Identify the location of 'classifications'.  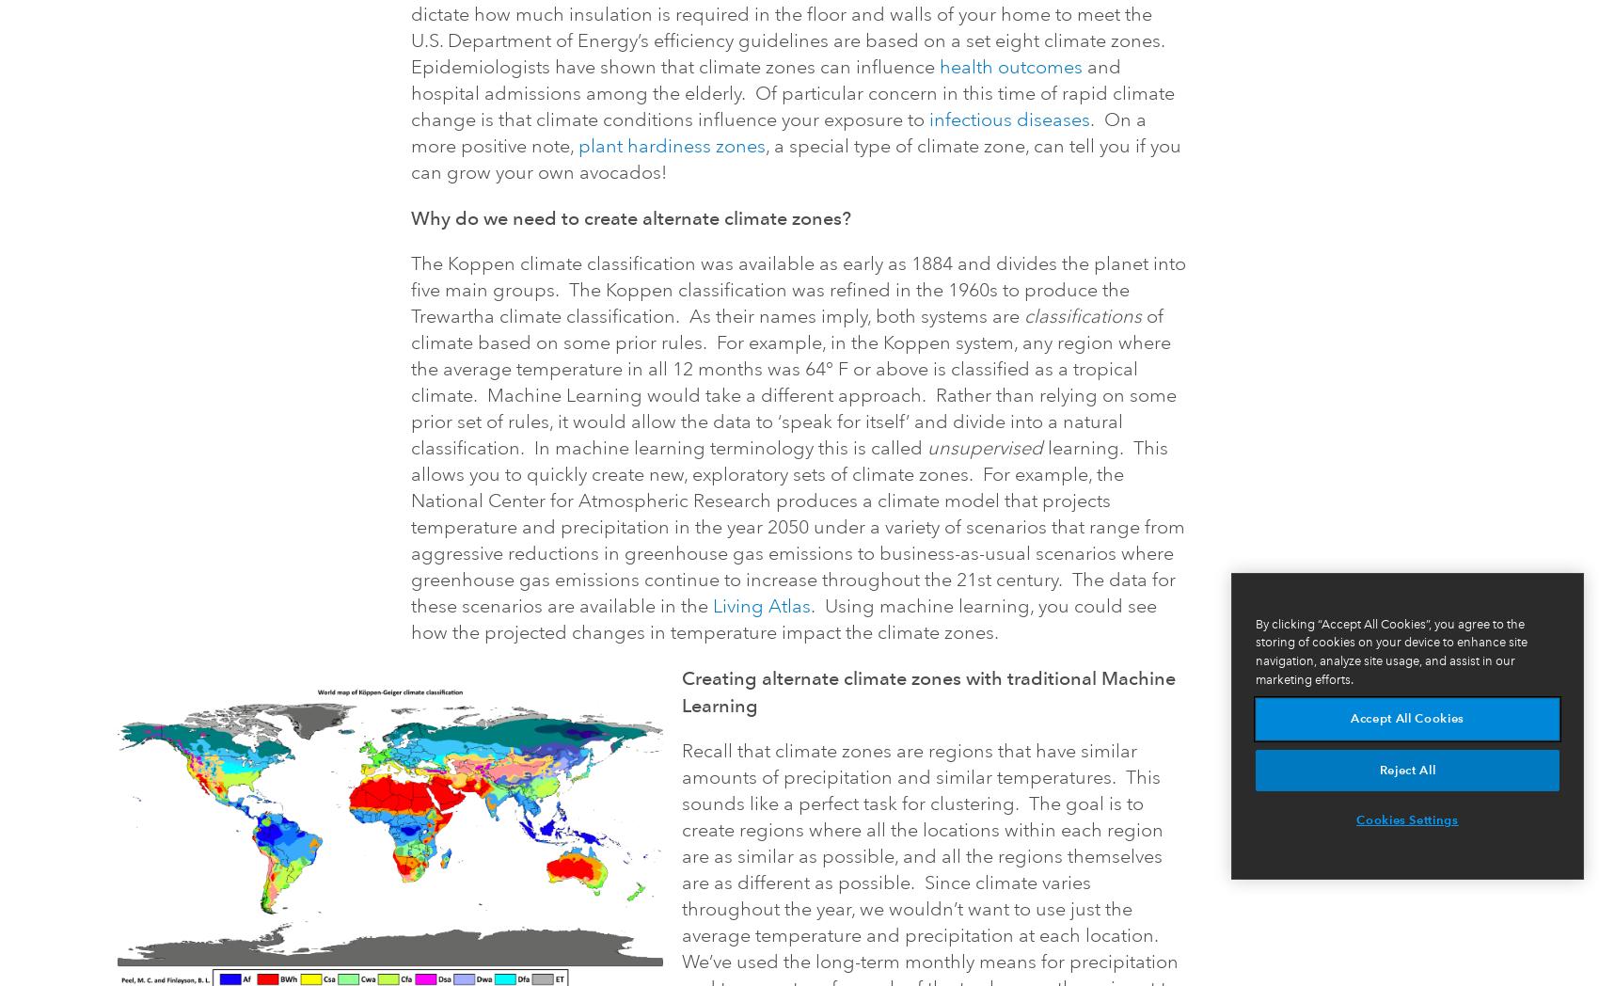
(1083, 316).